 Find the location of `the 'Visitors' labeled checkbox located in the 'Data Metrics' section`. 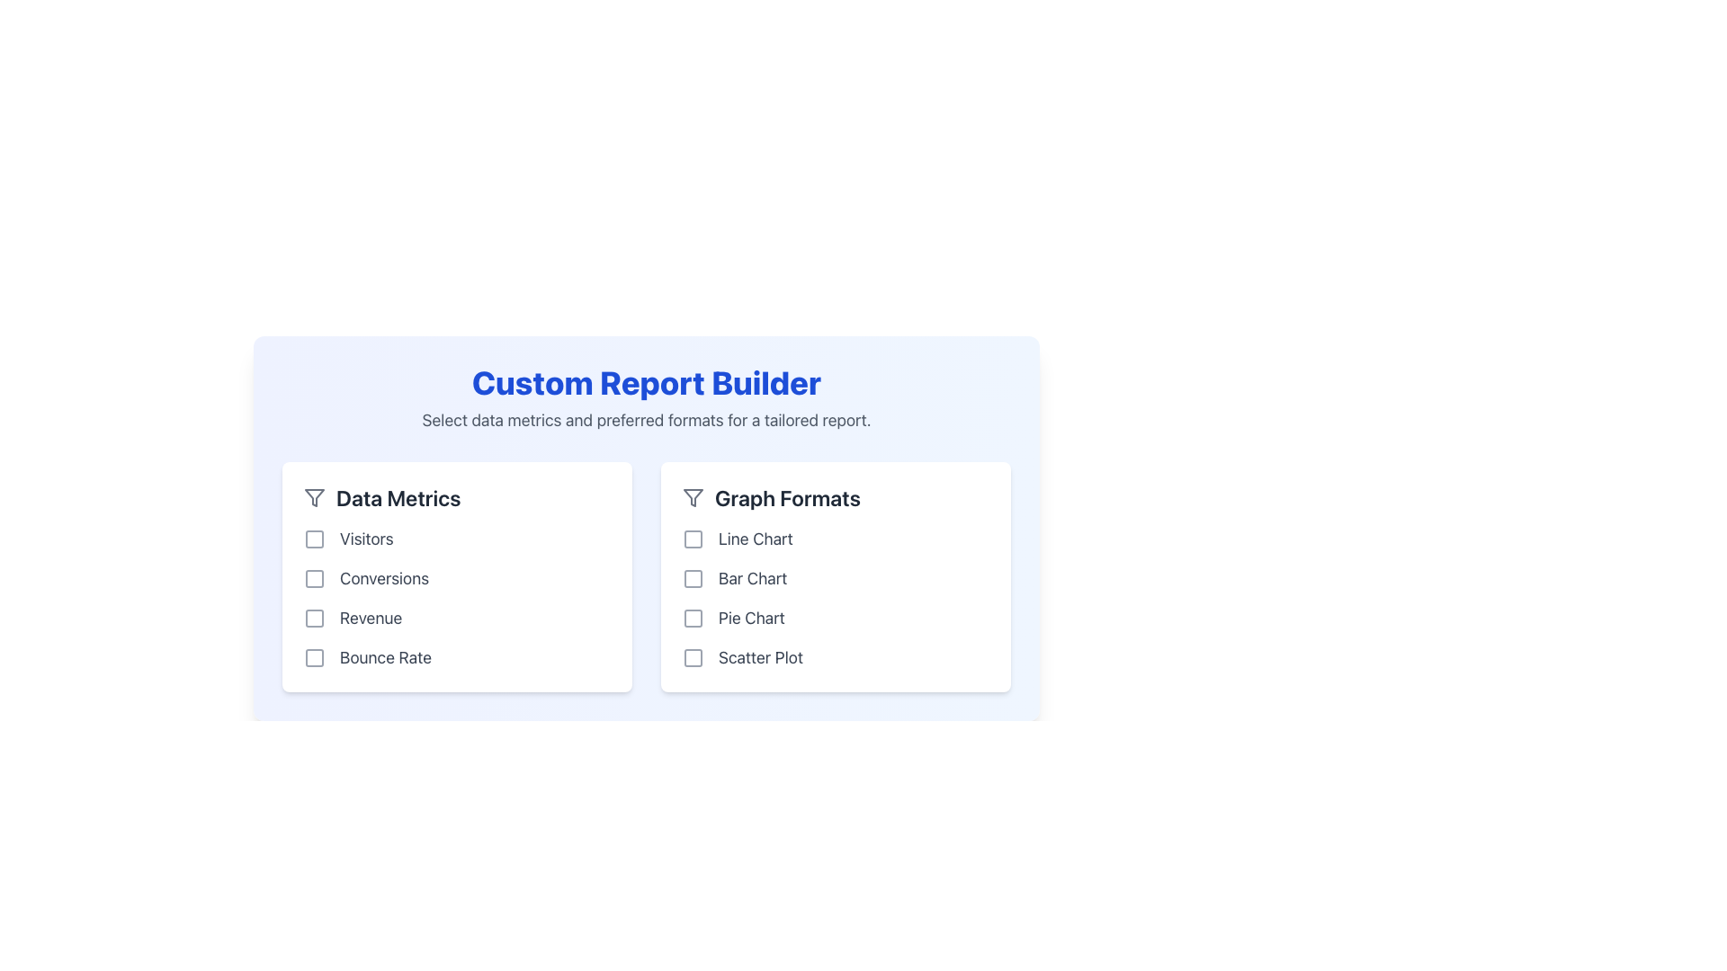

the 'Visitors' labeled checkbox located in the 'Data Metrics' section is located at coordinates (457, 539).